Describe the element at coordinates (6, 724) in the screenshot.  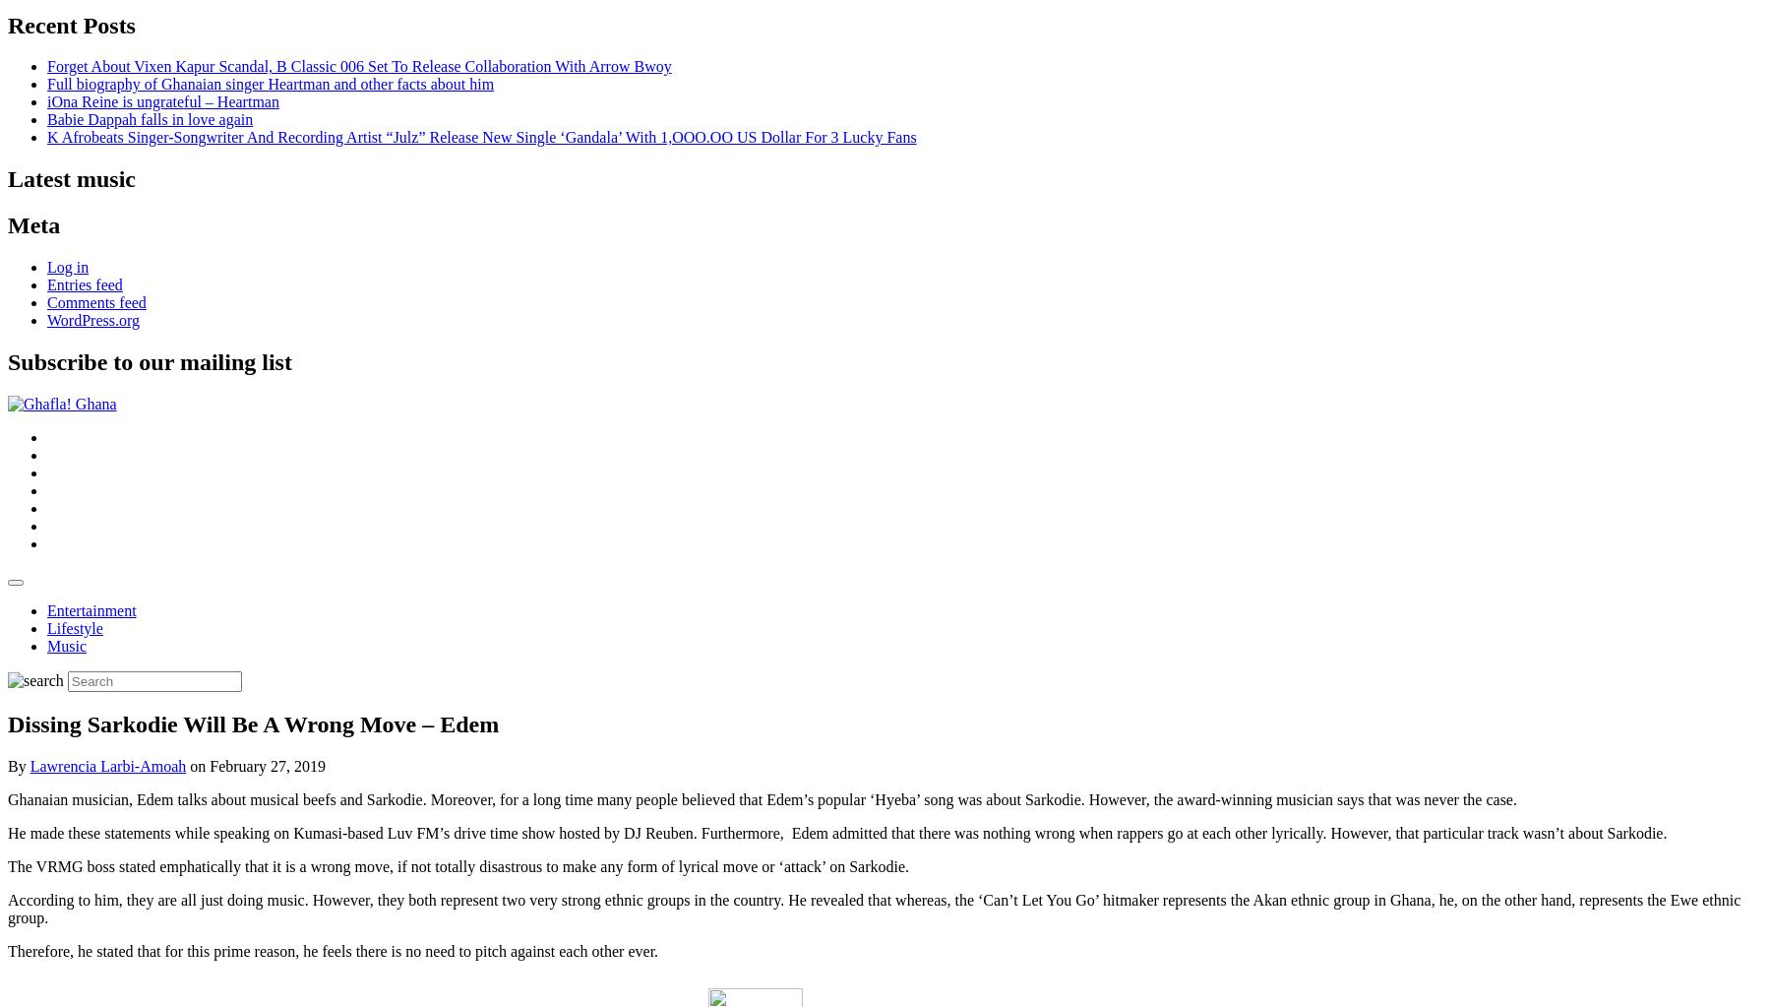
I see `'Dissing Sarkodie Will Be A Wrong Move – Edem'` at that location.